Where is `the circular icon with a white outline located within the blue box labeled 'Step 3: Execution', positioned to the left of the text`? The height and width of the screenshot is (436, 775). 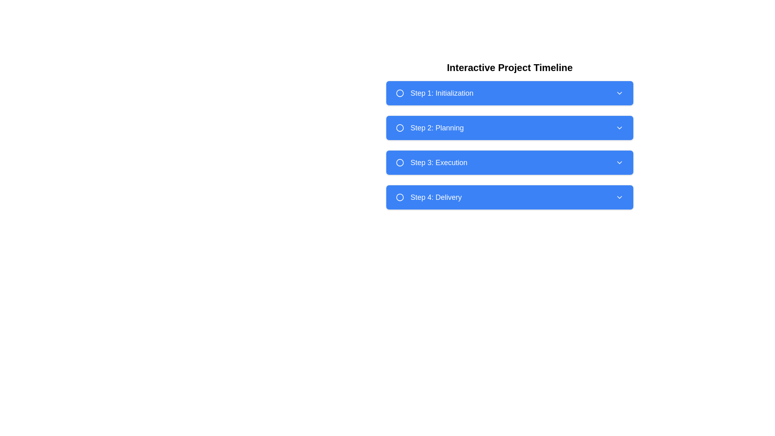 the circular icon with a white outline located within the blue box labeled 'Step 3: Execution', positioned to the left of the text is located at coordinates (400, 162).